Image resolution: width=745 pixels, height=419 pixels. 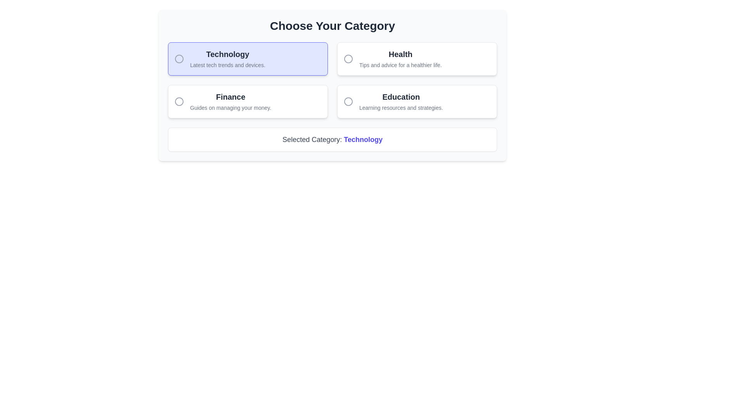 I want to click on title text element indicating the category name 'Health', which is located in the top row of the category card selection menu, so click(x=400, y=54).